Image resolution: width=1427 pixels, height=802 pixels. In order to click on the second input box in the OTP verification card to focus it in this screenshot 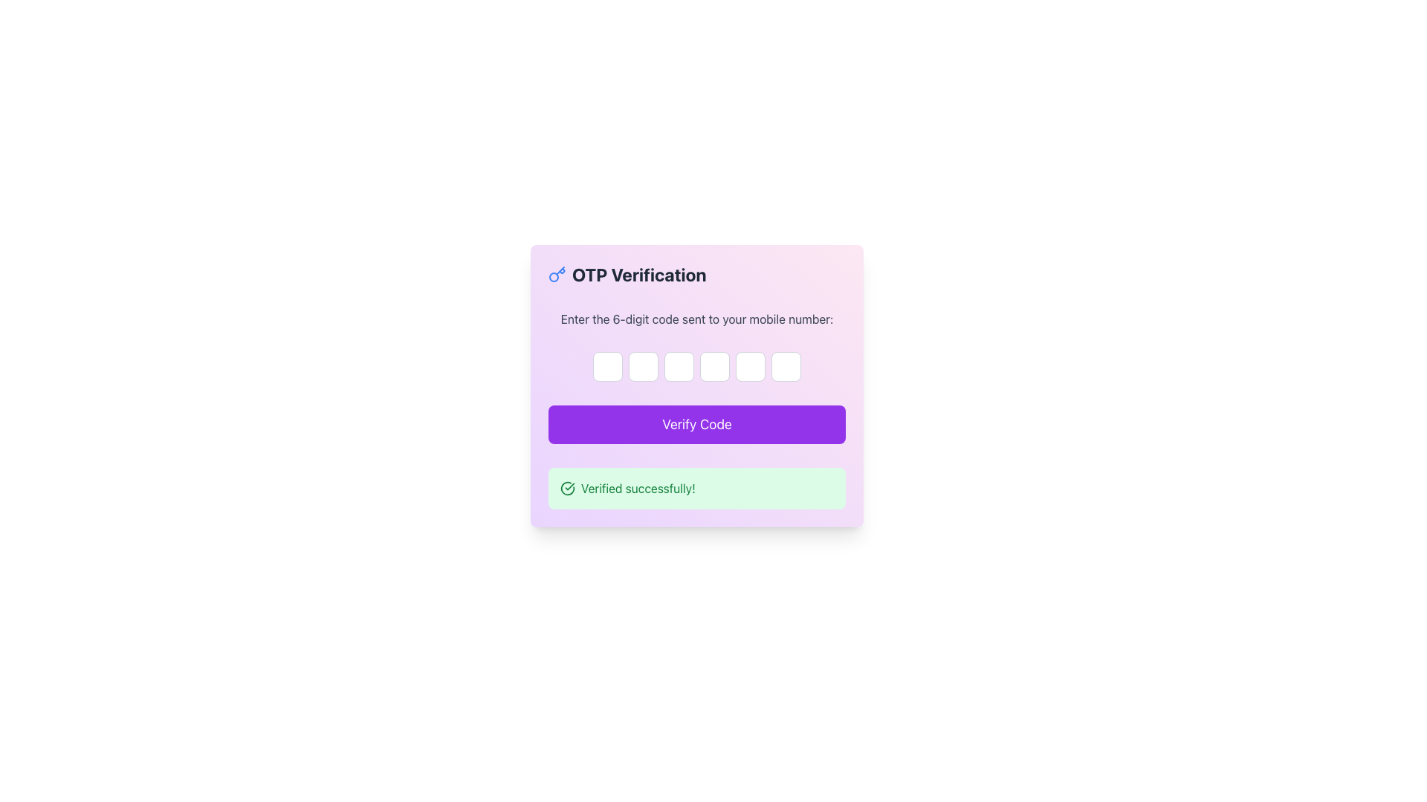, I will do `click(643, 366)`.